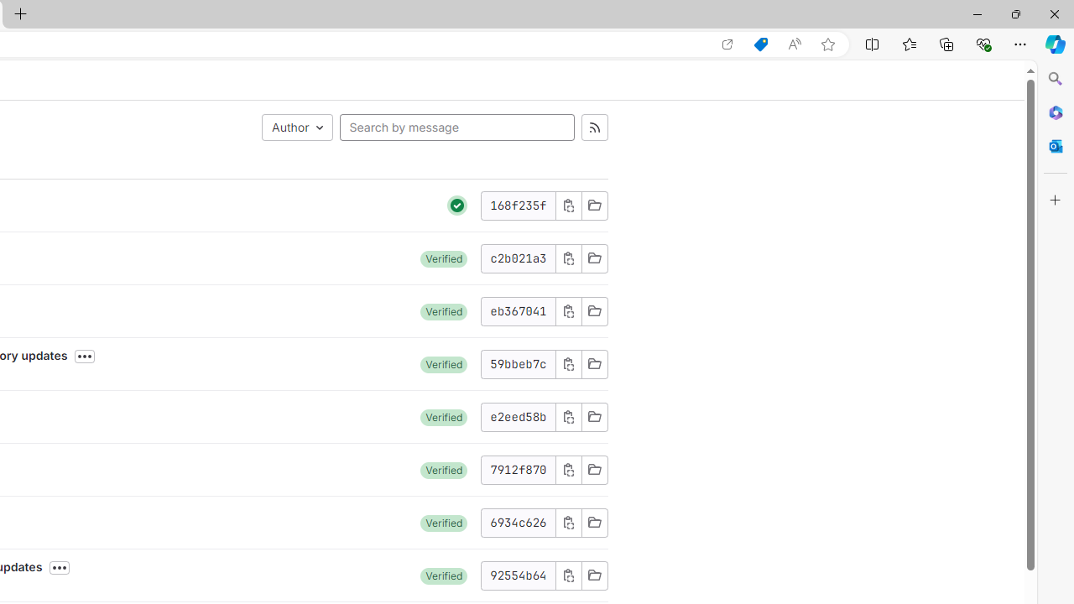  What do you see at coordinates (1055, 200) in the screenshot?
I see `'Customize'` at bounding box center [1055, 200].